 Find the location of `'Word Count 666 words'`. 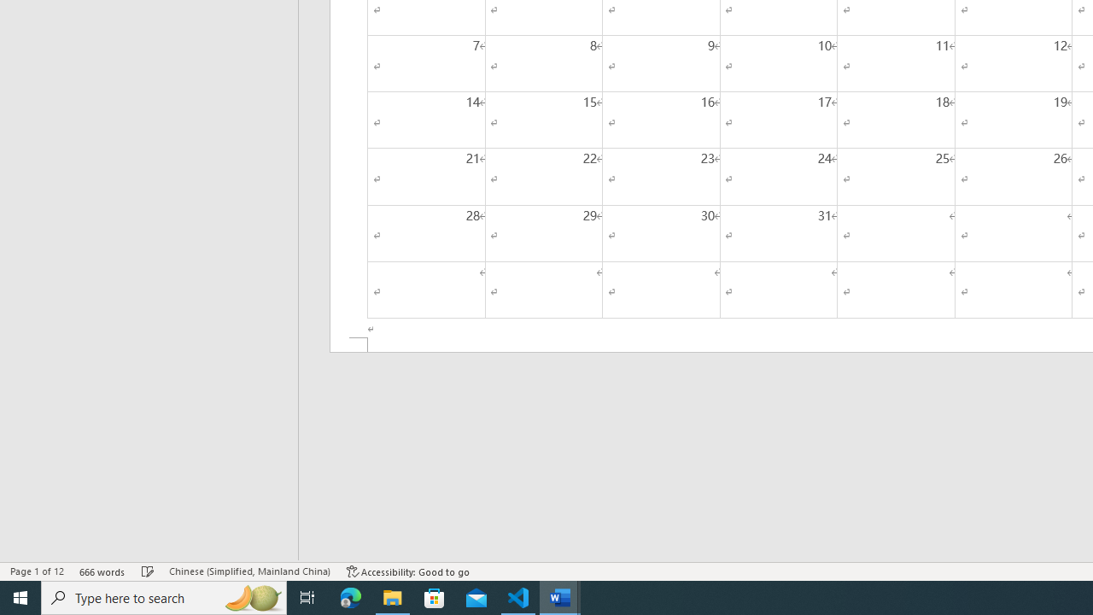

'Word Count 666 words' is located at coordinates (102, 571).